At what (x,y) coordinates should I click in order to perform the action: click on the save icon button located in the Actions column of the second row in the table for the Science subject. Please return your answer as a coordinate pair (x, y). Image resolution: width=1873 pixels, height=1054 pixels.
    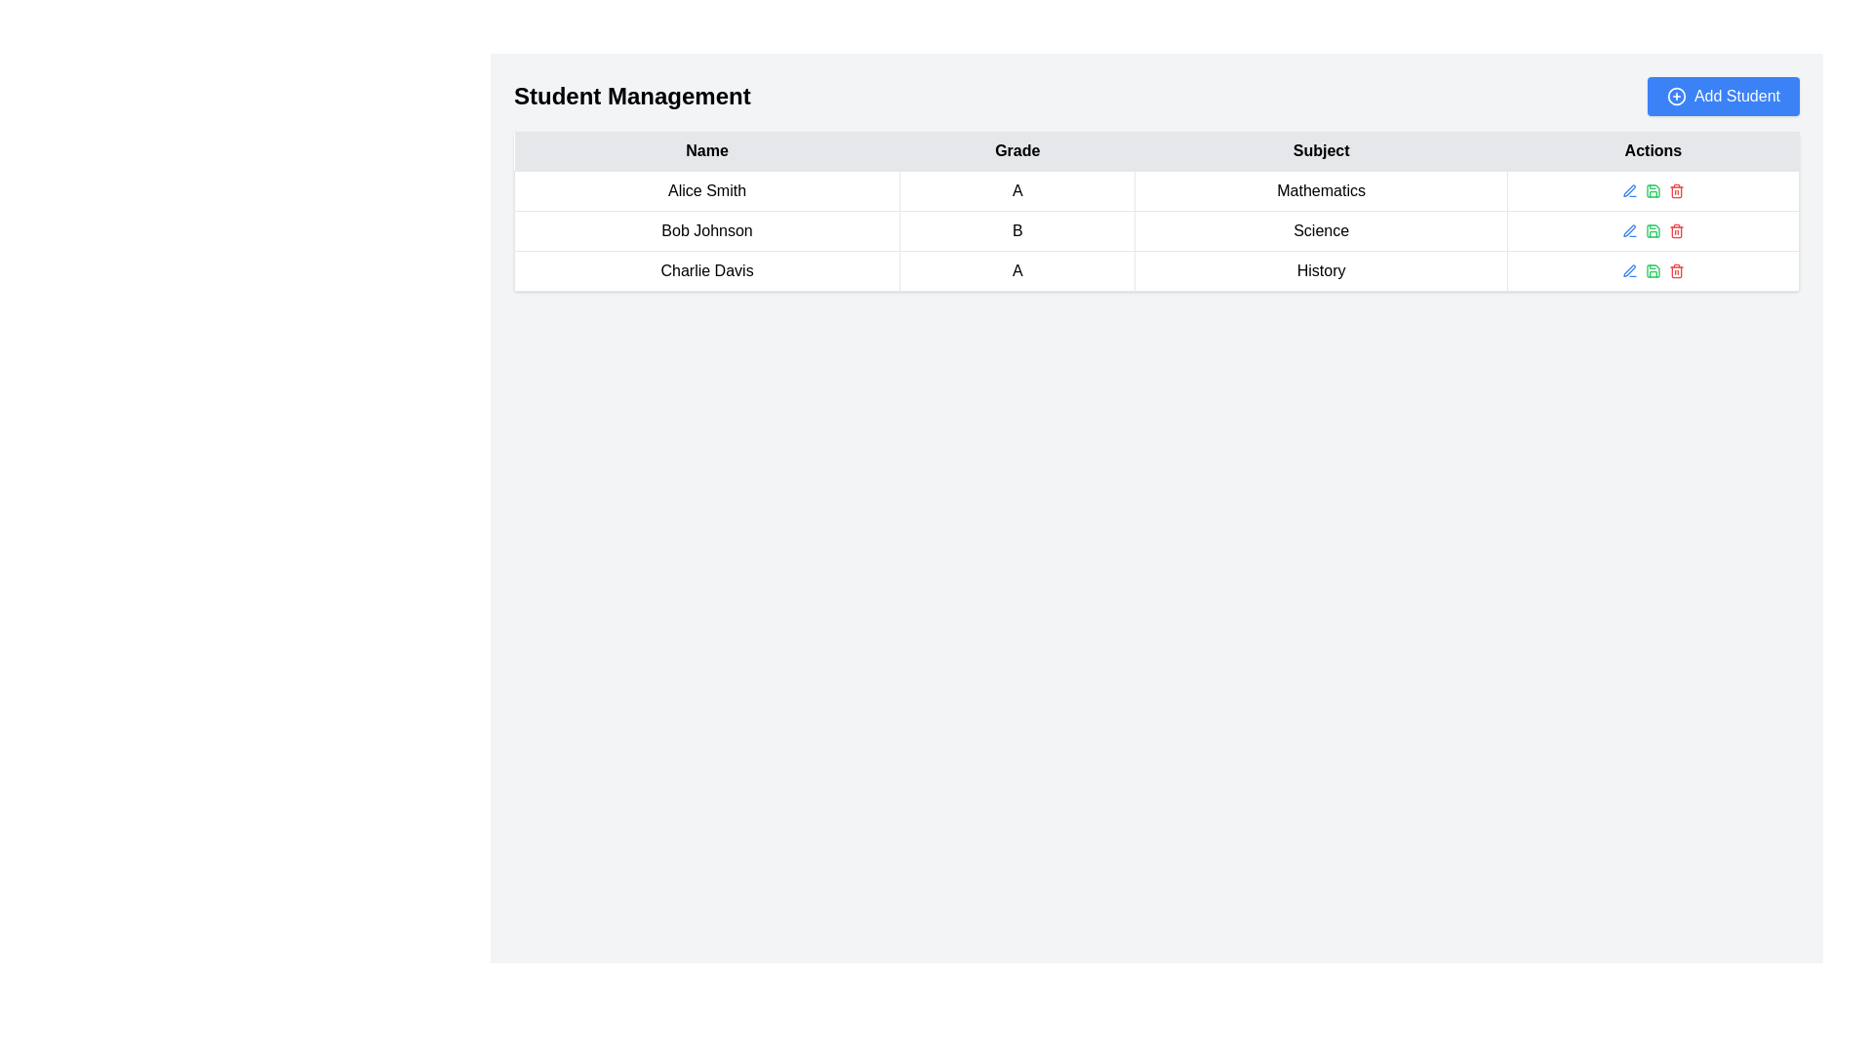
    Looking at the image, I should click on (1652, 229).